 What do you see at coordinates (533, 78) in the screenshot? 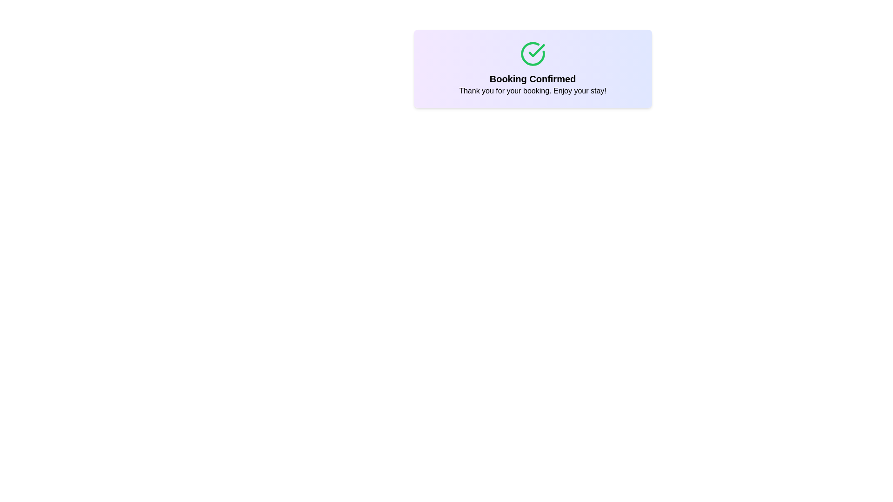
I see `the bold, large-sized text header displaying 'Booking Confirmed', which is centrally positioned above a smaller paragraph and below a green circle-check icon` at bounding box center [533, 78].